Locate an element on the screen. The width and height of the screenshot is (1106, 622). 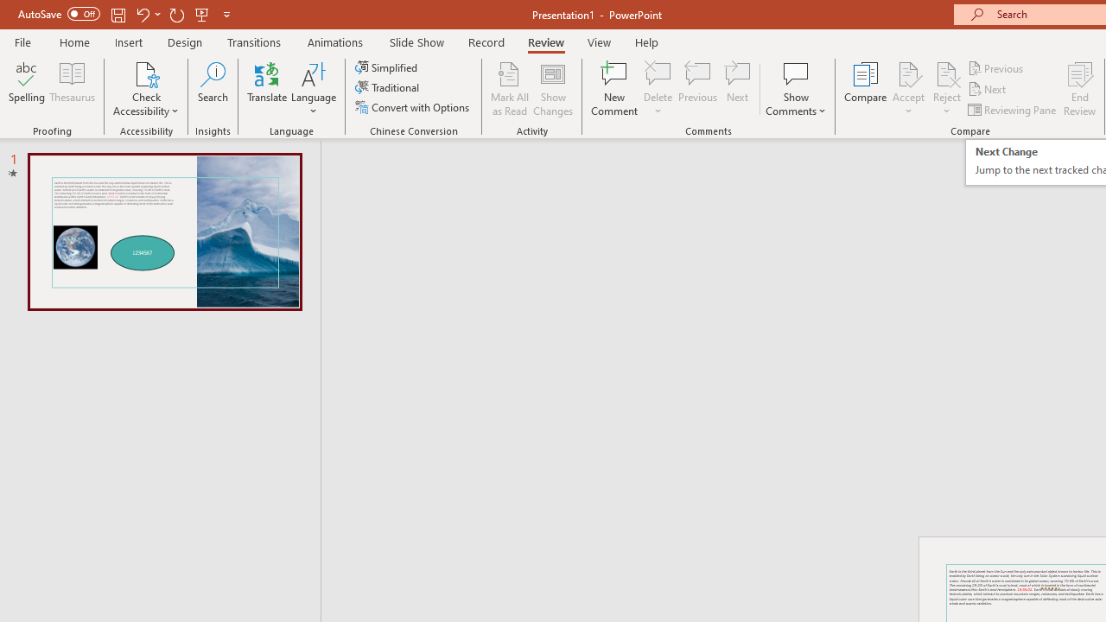
'Show Changes' is located at coordinates (553, 89).